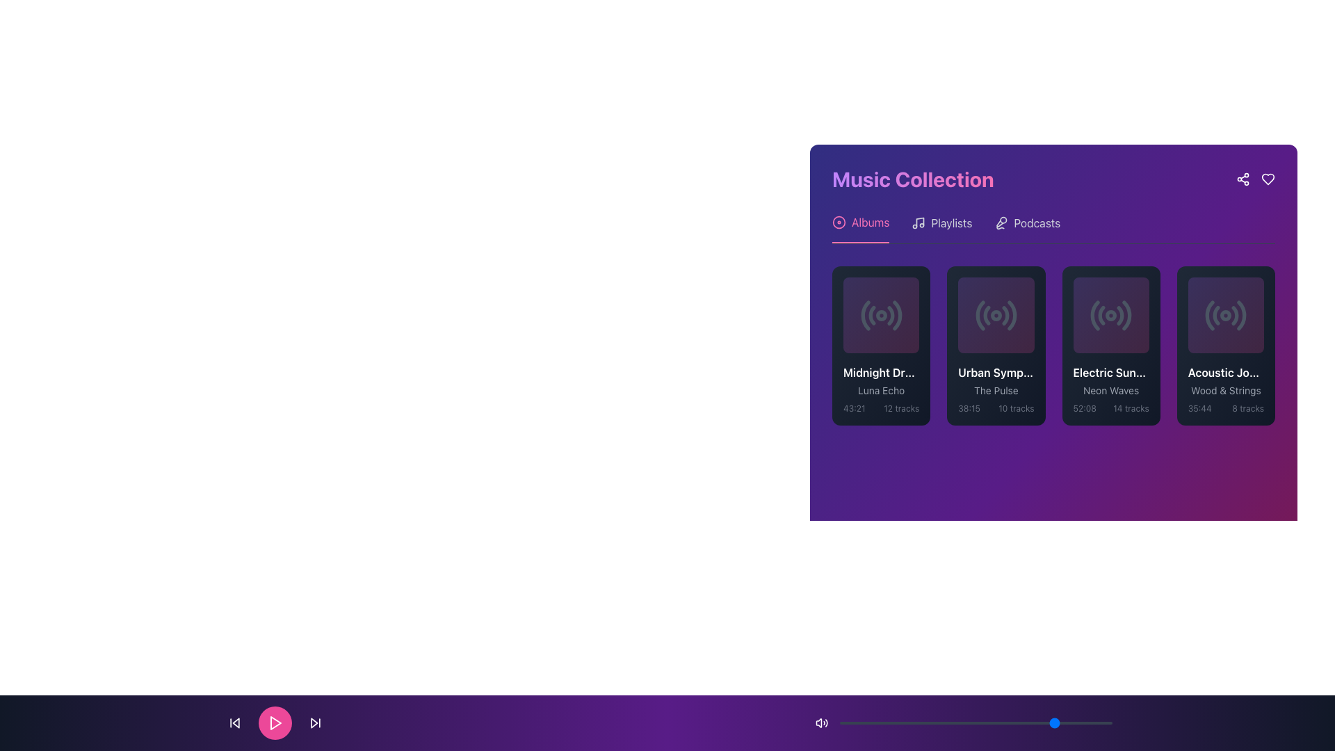 This screenshot has width=1335, height=751. Describe the element at coordinates (1226, 315) in the screenshot. I see `the decorative graphic icon in the center of the album card titled 'Acoustic Journey', which represents the music collection related to radio or audio tracks` at that location.